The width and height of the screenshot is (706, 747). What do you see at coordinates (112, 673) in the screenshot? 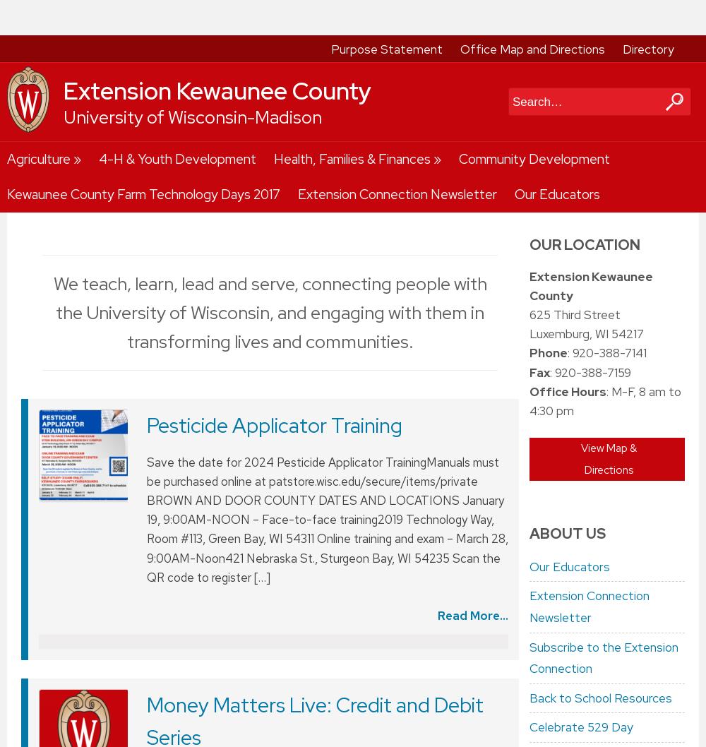
I see `'.'` at bounding box center [112, 673].